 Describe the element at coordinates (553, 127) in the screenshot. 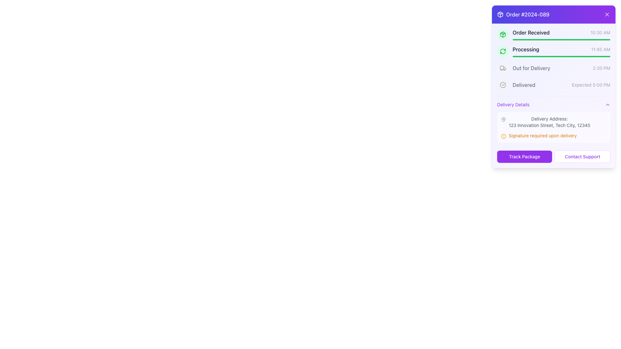

I see `the Informational text block that provides details about the delivery address and signature requirement, located in the 'Delivery Details' section` at that location.